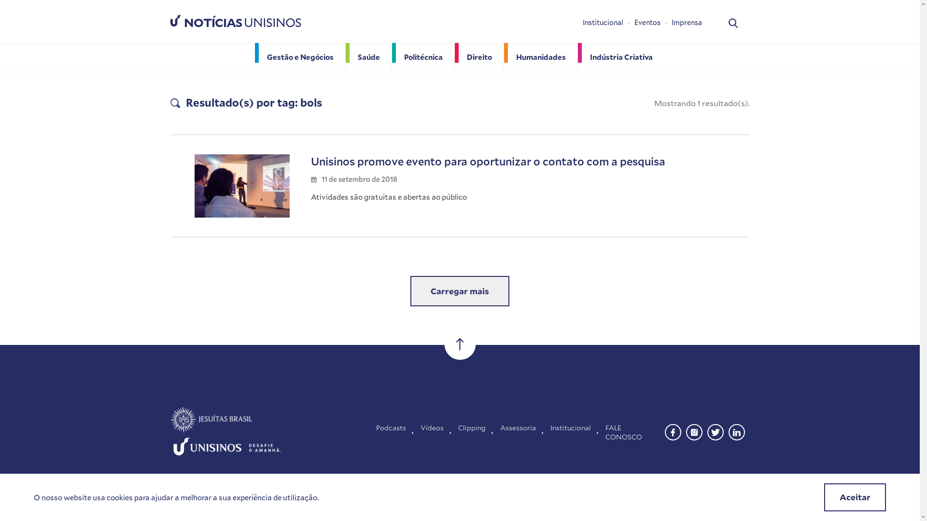 The image size is (927, 521). What do you see at coordinates (479, 57) in the screenshot?
I see `'Direito'` at bounding box center [479, 57].